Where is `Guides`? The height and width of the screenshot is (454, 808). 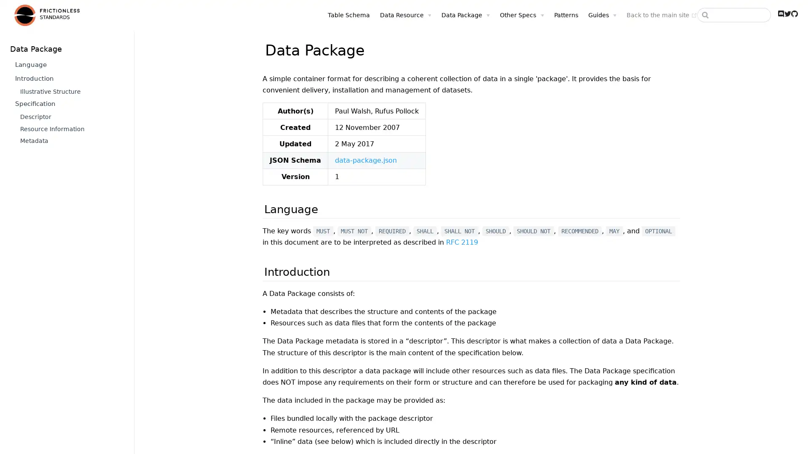
Guides is located at coordinates (590, 15).